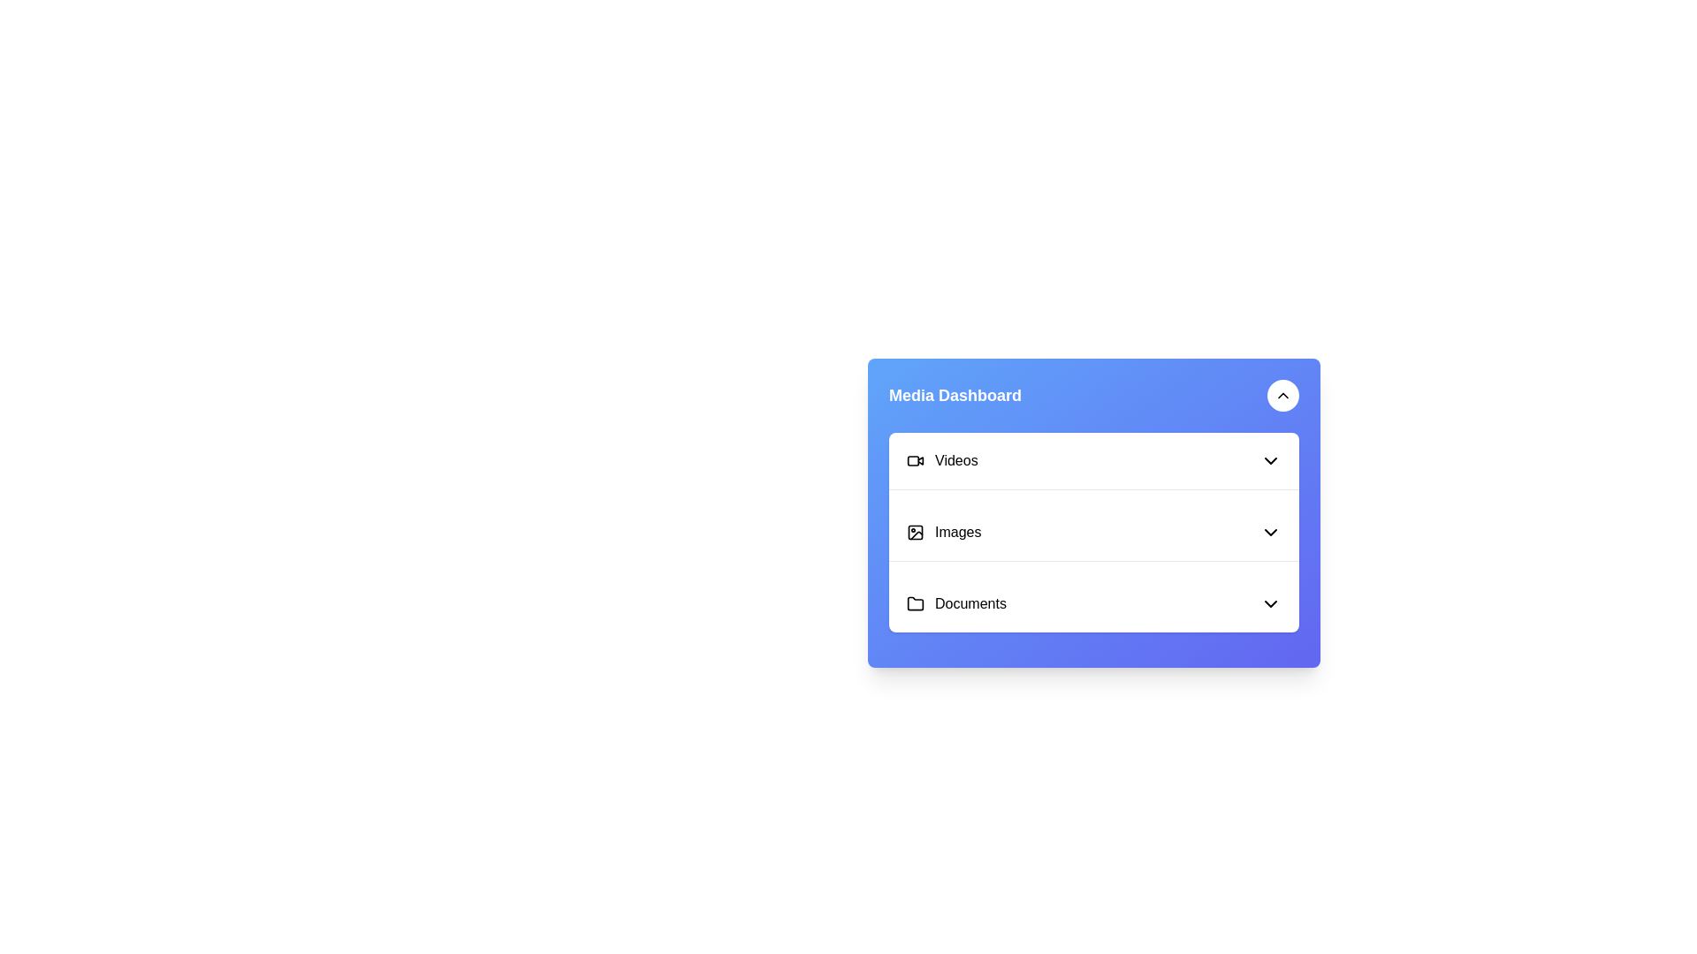 Image resolution: width=1697 pixels, height=954 pixels. What do you see at coordinates (957, 531) in the screenshot?
I see `the text label displaying 'Images' in bold font, located in the second row of the media dashboard panel, rightmost in its horizontal layout group` at bounding box center [957, 531].